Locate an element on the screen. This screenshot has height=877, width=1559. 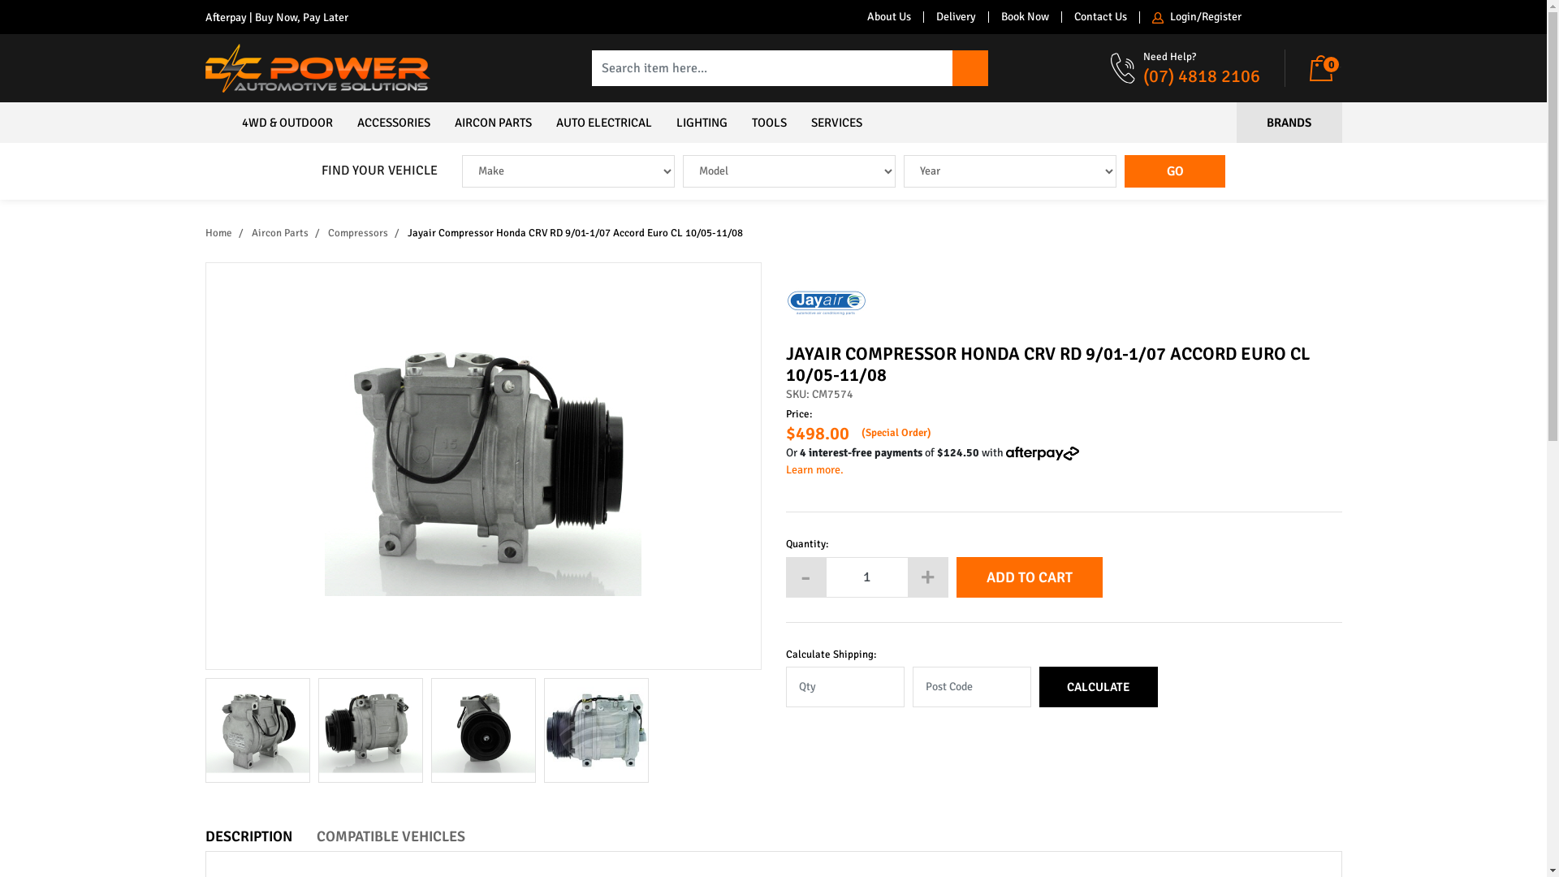
'GO' is located at coordinates (1174, 171).